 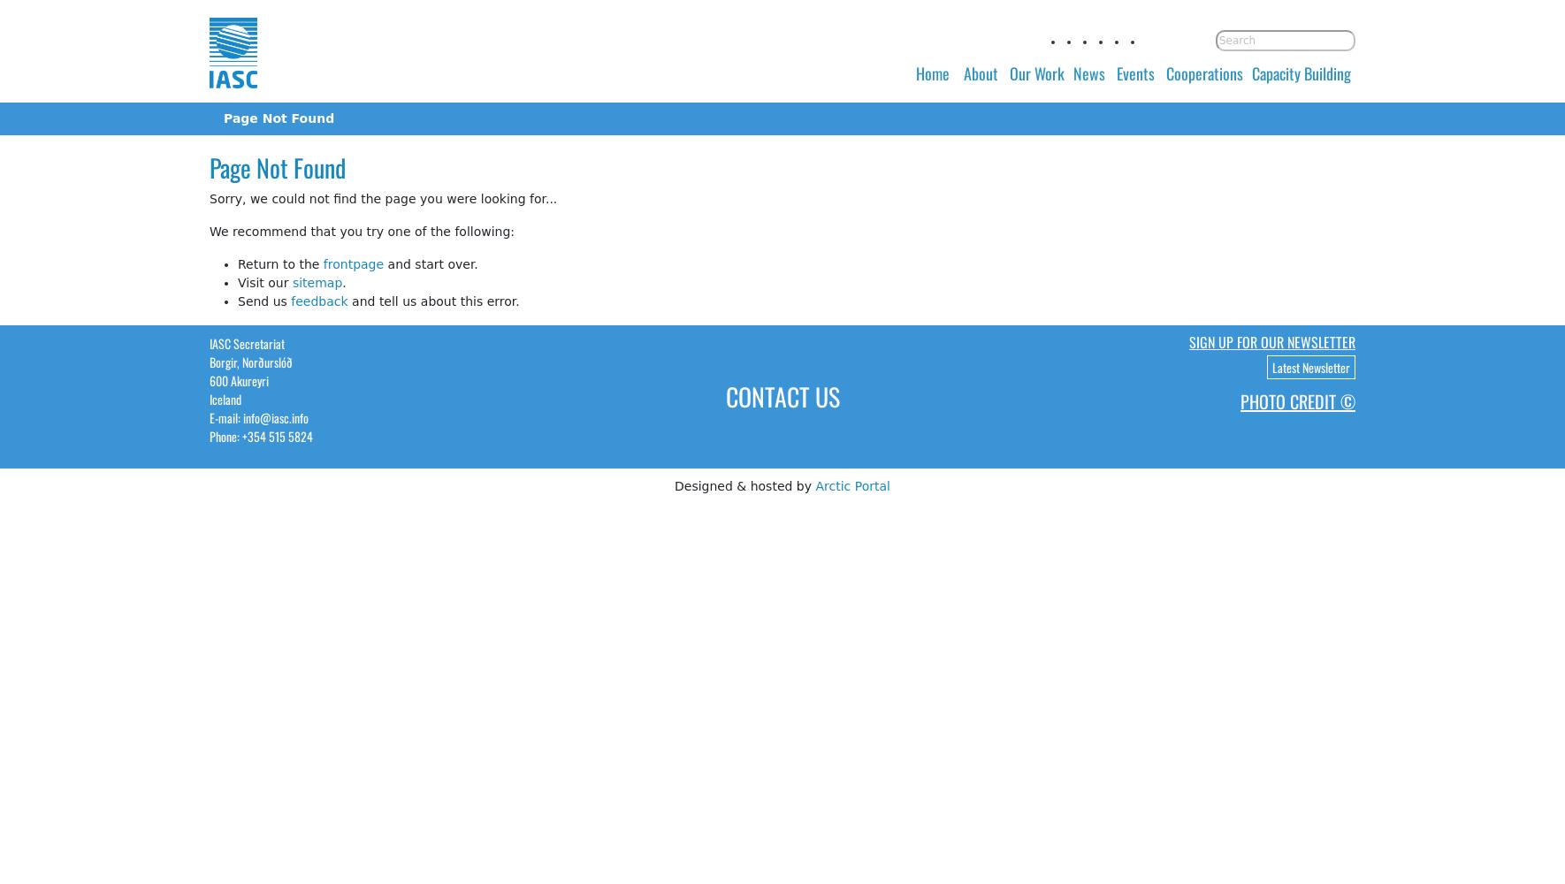 I want to click on 'We recommend that you try one of the following:', so click(x=361, y=231).